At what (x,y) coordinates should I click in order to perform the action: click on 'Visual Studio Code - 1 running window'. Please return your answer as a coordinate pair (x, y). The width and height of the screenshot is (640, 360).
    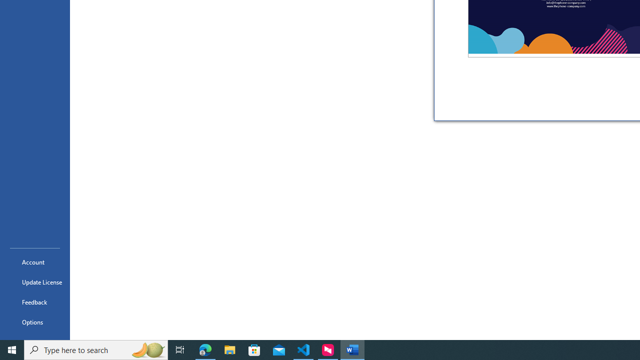
    Looking at the image, I should click on (303, 349).